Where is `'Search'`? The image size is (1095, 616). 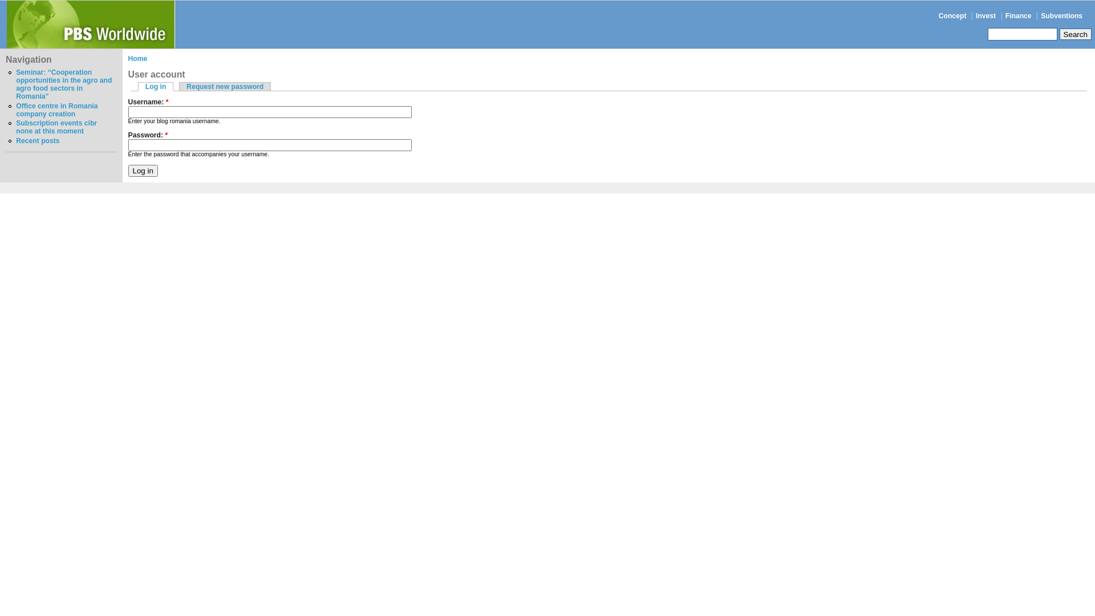 'Search' is located at coordinates (1075, 34).